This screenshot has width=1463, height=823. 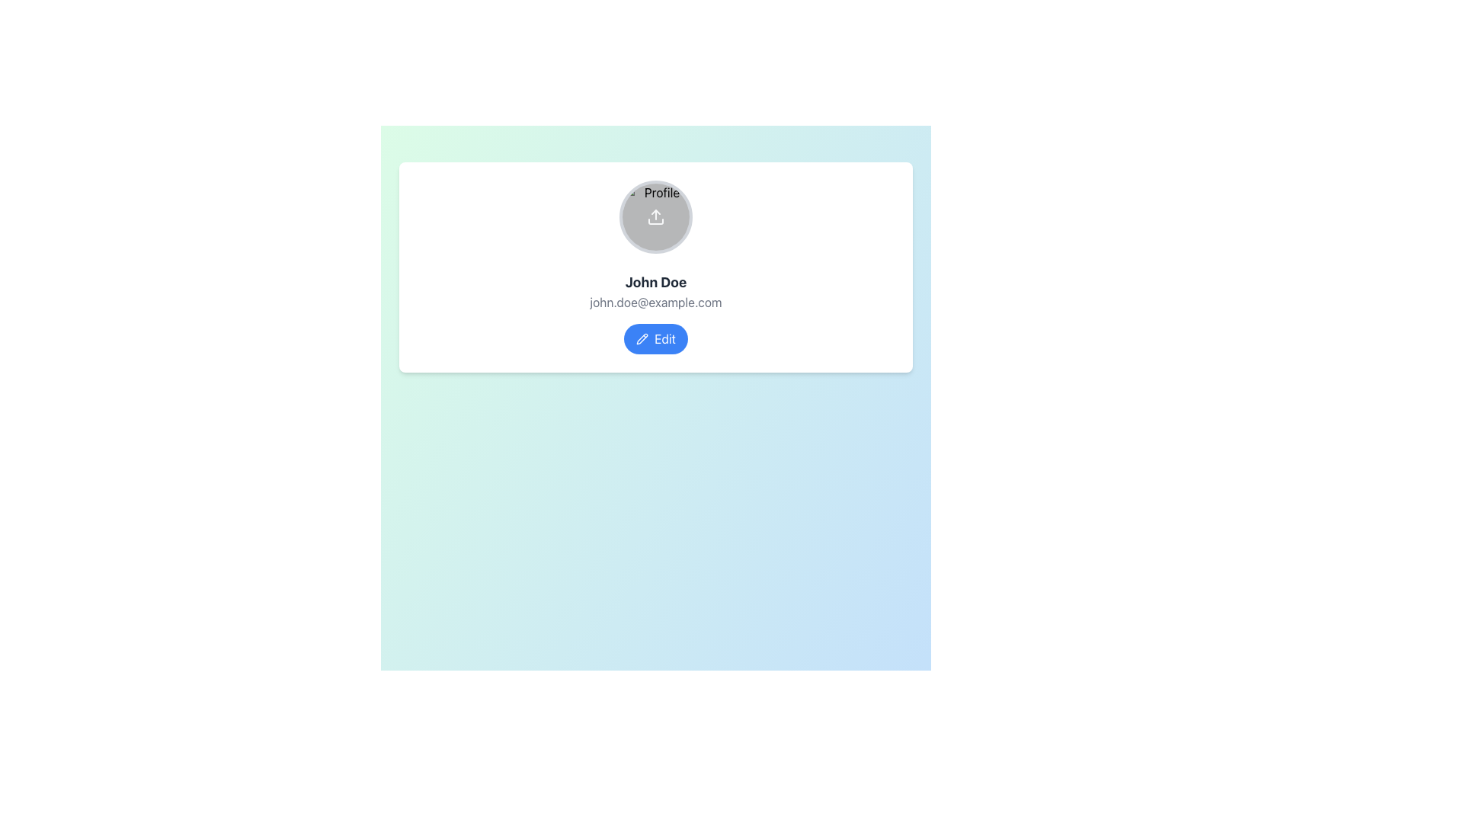 I want to click on or copy the email address text snippet 'john.doe@example.com' displayed in gray font color, which is located beneath the name label 'John Doe' and above the 'Edit' button on the profile card, so click(x=655, y=303).